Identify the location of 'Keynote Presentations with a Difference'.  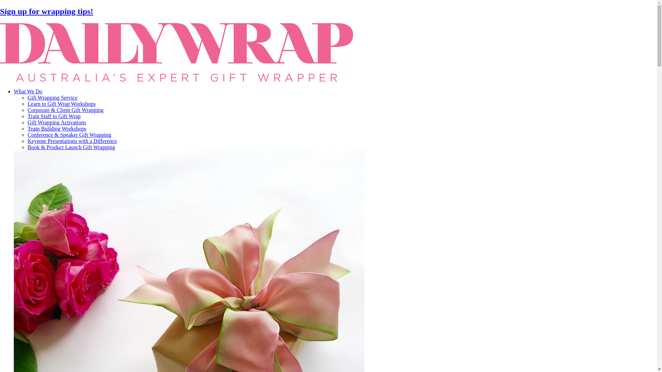
(72, 141).